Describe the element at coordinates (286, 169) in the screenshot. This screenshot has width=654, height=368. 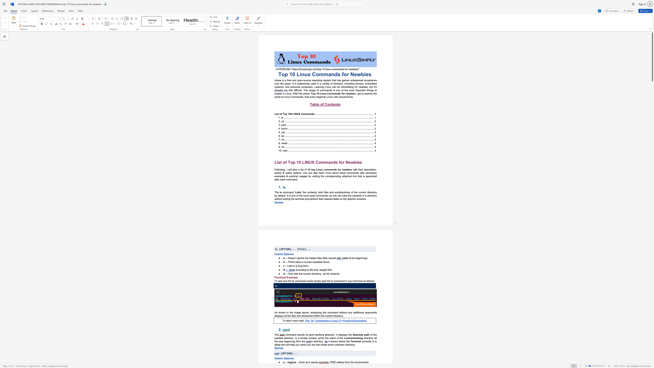
I see `the subset text "I will giv" within the text "Following, I will give a list of"` at that location.